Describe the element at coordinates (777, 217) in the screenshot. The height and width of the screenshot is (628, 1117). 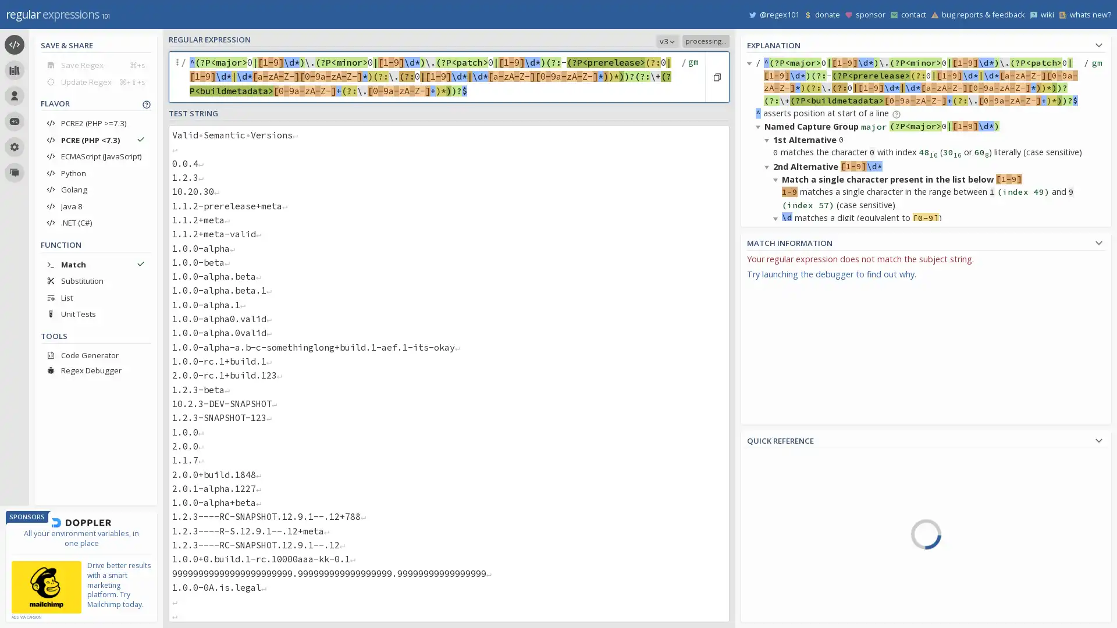
I see `Collapse Subtree` at that location.